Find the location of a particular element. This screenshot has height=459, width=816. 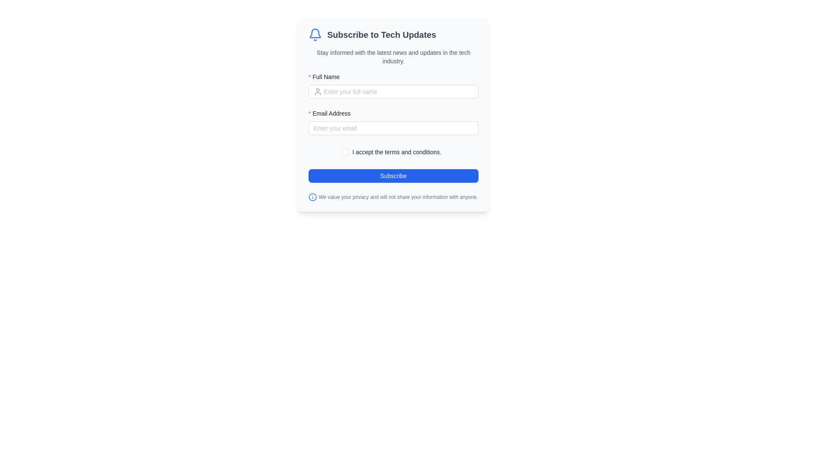

the checkbox for accepting terms and conditions is located at coordinates (393, 152).